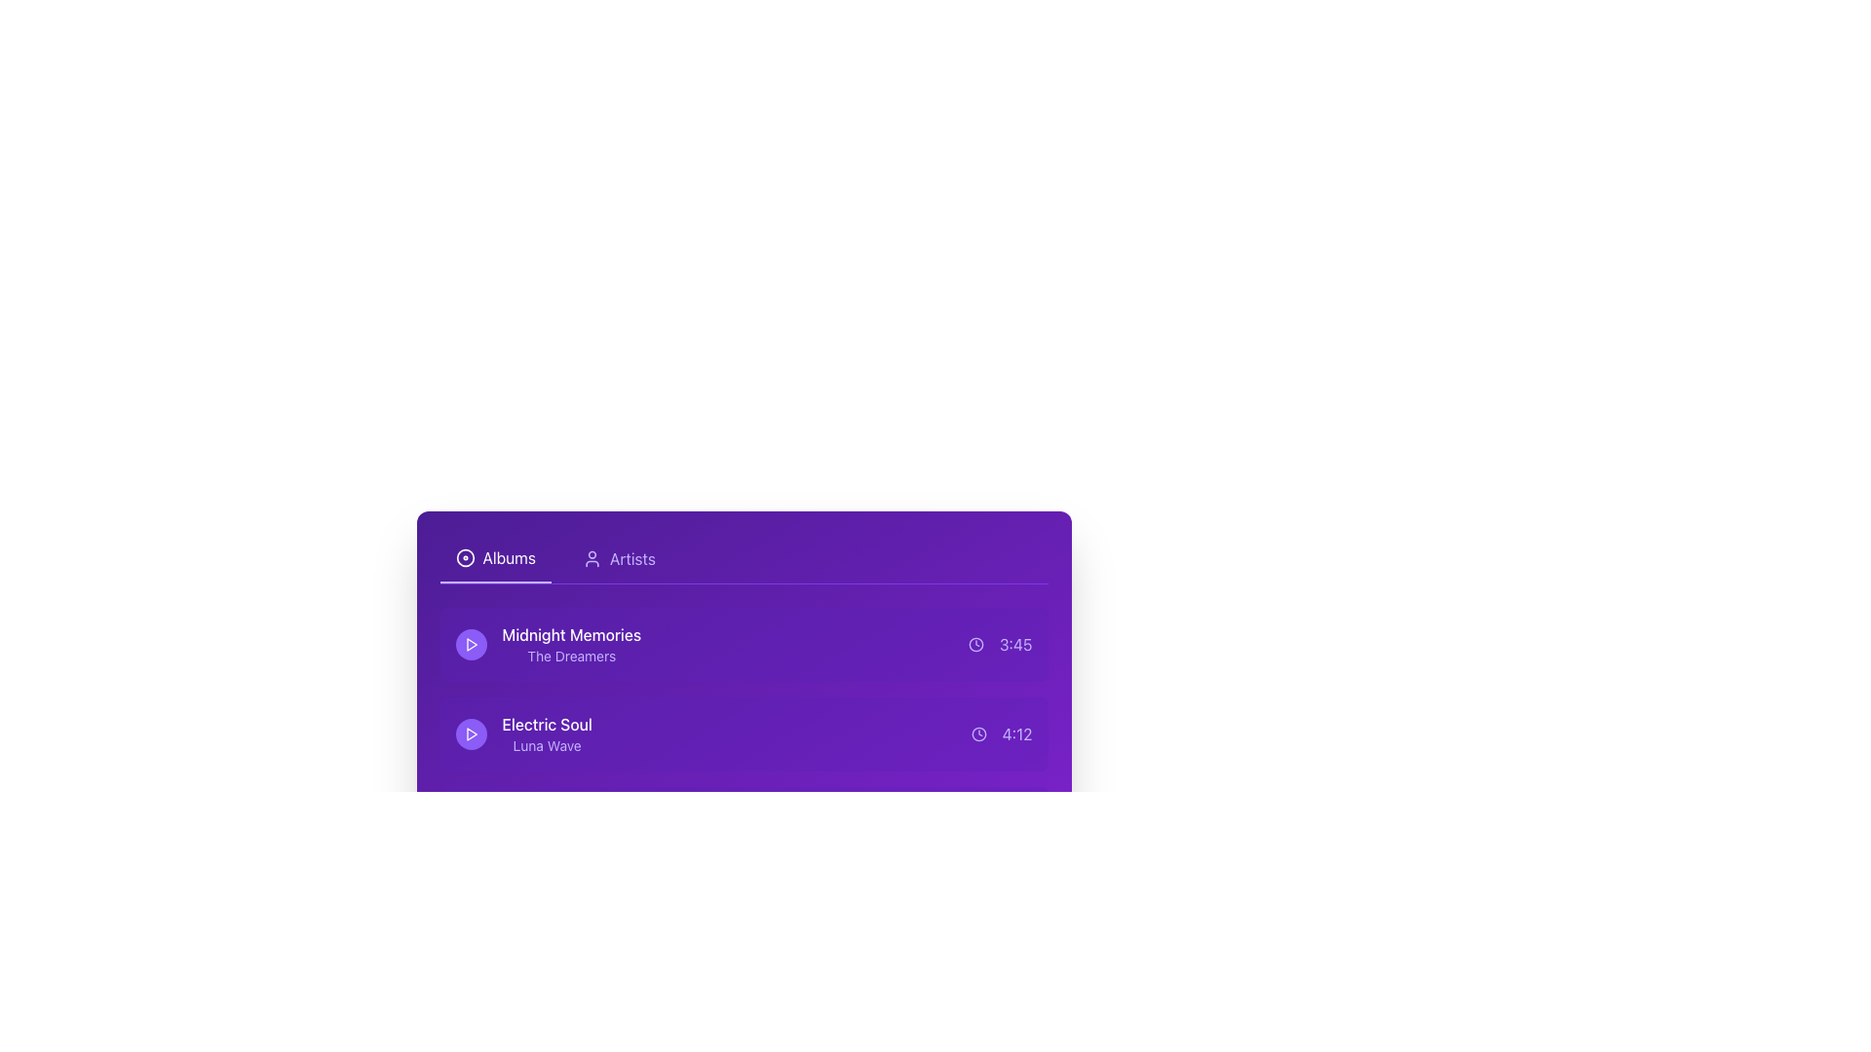 This screenshot has width=1871, height=1052. Describe the element at coordinates (464, 558) in the screenshot. I see `the circular SVG icon representing the larger disc outline located towards the top-left corner of a purple section in the interface, adjacent to the 'Albums' text` at that location.